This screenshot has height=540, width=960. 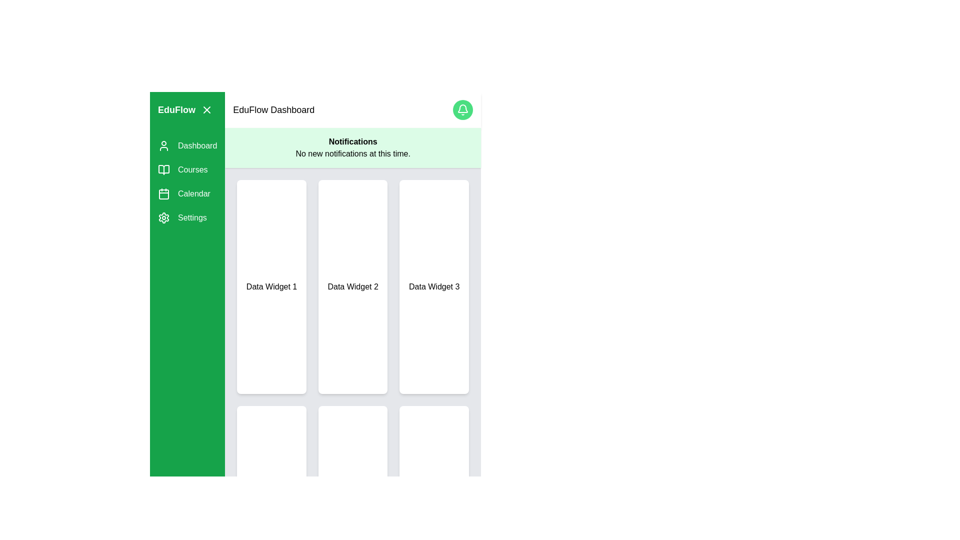 What do you see at coordinates (187, 169) in the screenshot?
I see `the green 'Courses' button, which is the second option in the vertical menu on the left` at bounding box center [187, 169].